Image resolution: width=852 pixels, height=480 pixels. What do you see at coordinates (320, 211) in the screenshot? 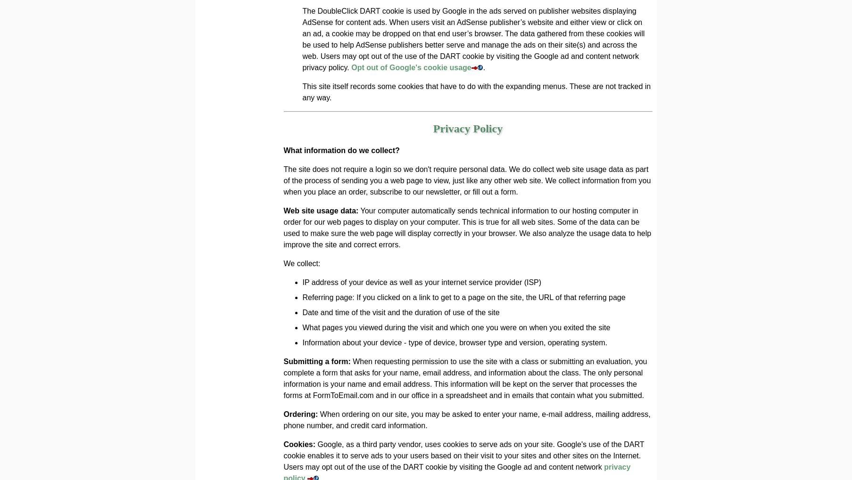
I see `'Web site usage data:'` at bounding box center [320, 211].